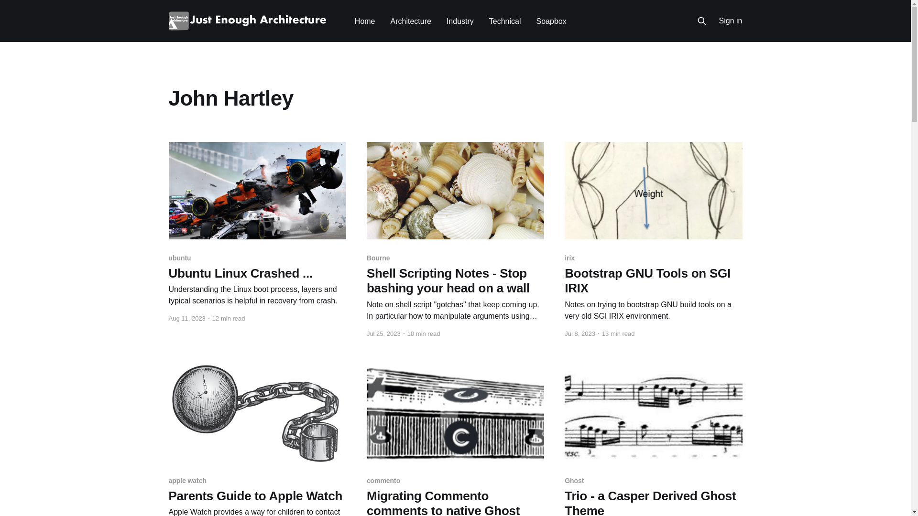 The height and width of the screenshot is (516, 918). What do you see at coordinates (390, 21) in the screenshot?
I see `'Architecture'` at bounding box center [390, 21].